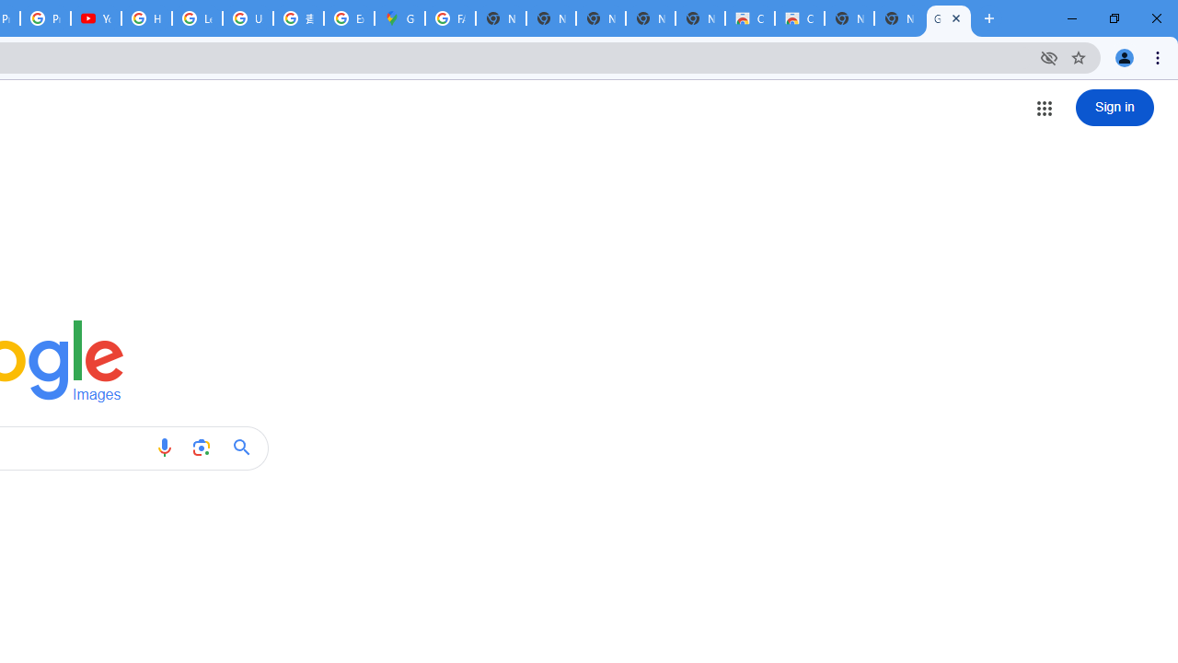  What do you see at coordinates (45, 18) in the screenshot?
I see `'Privacy Checkup'` at bounding box center [45, 18].